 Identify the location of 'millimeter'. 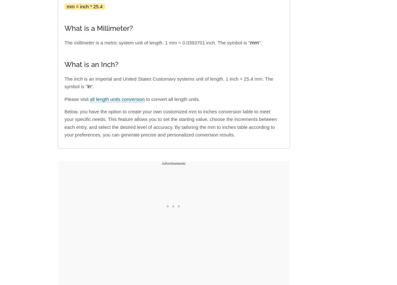
(84, 42).